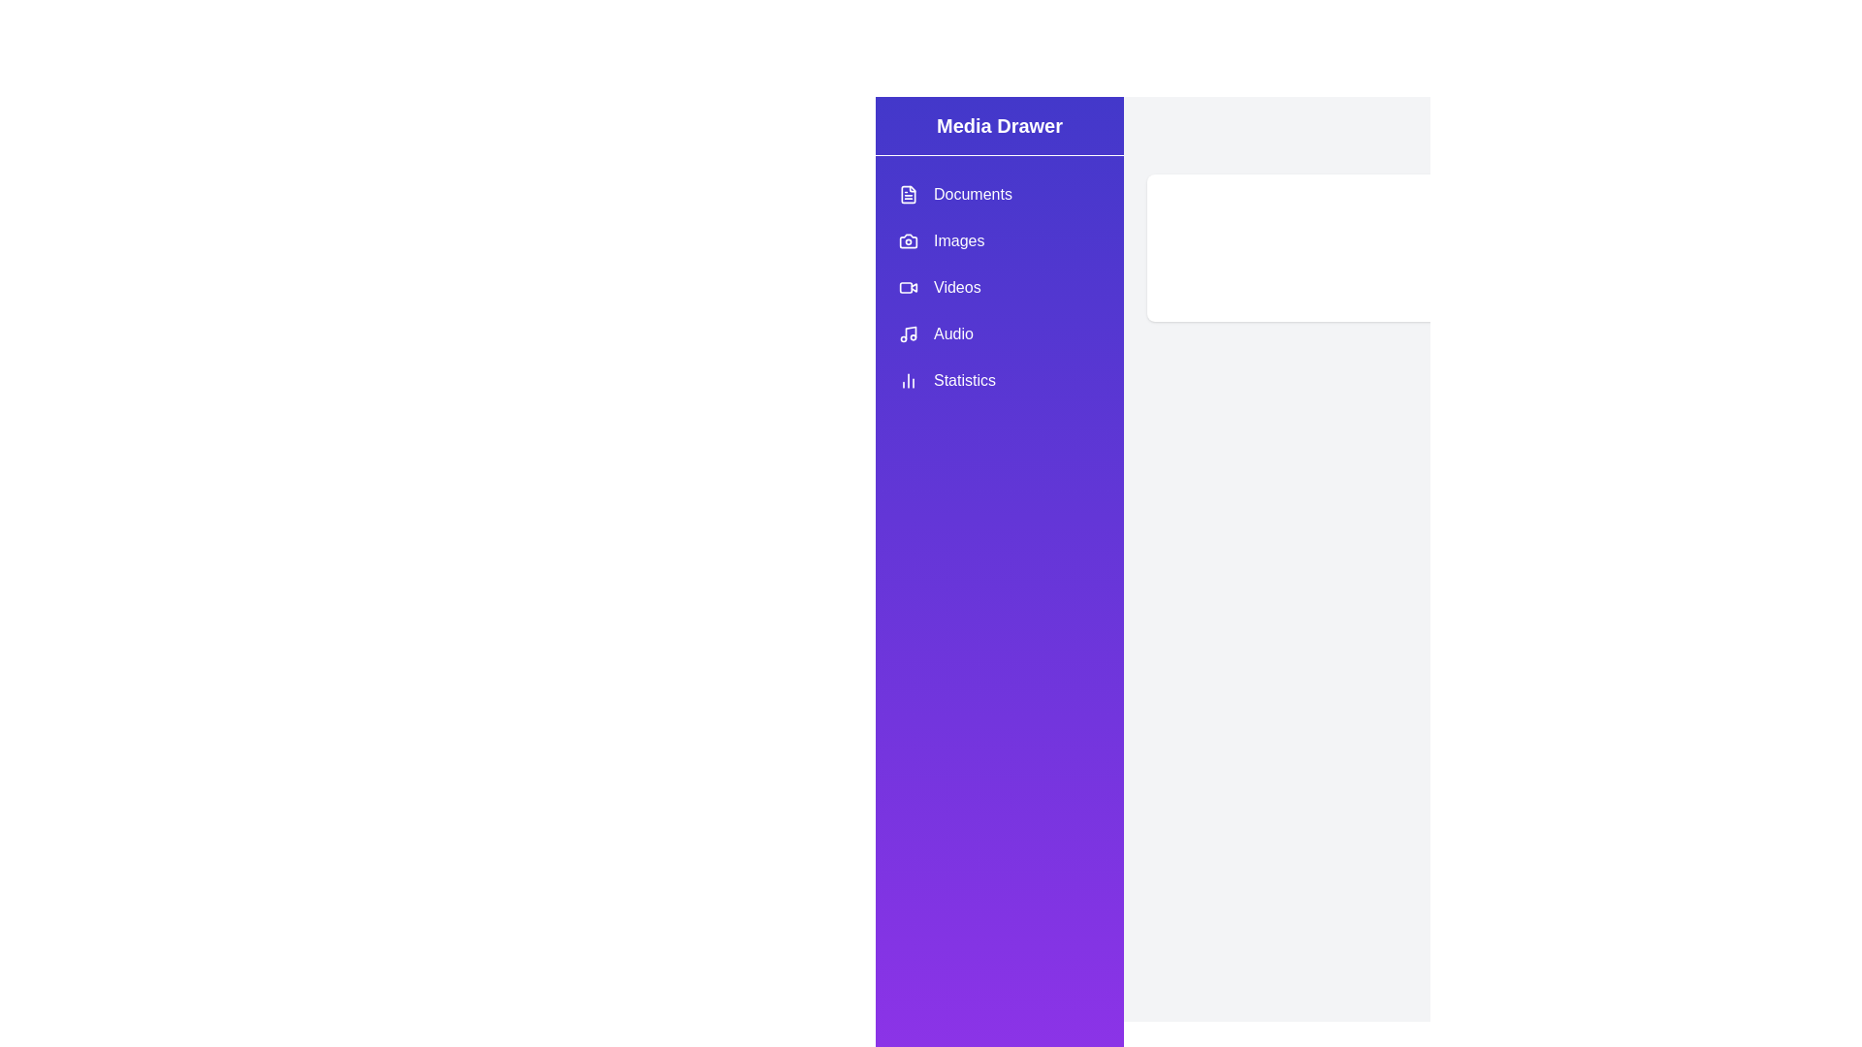 The image size is (1862, 1047). I want to click on the category Audio in the drawer, so click(1000, 333).